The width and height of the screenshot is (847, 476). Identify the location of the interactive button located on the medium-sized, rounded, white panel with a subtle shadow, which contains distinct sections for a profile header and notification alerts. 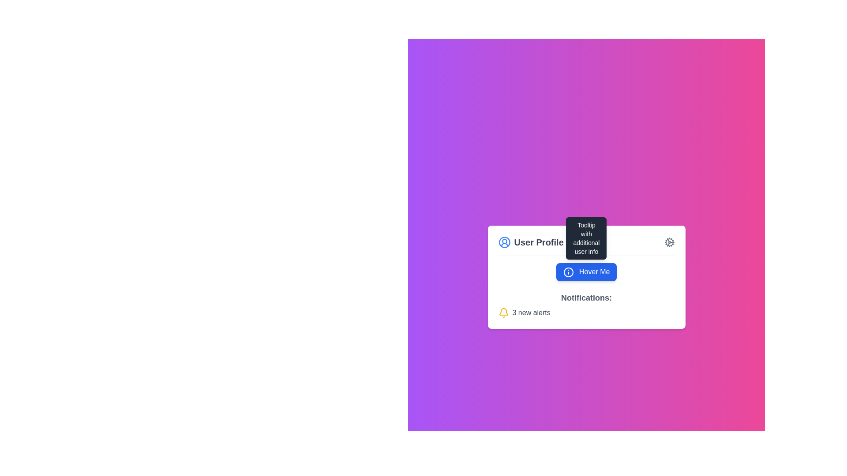
(586, 276).